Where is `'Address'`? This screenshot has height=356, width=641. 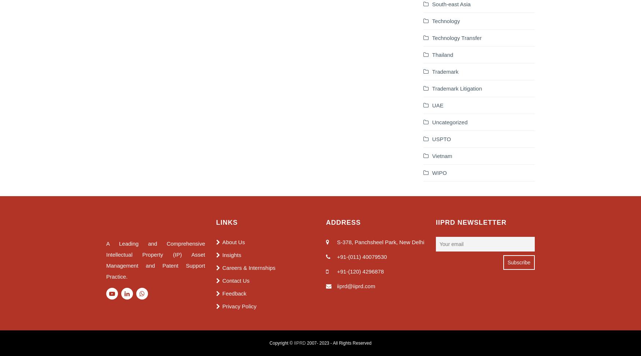 'Address' is located at coordinates (343, 222).